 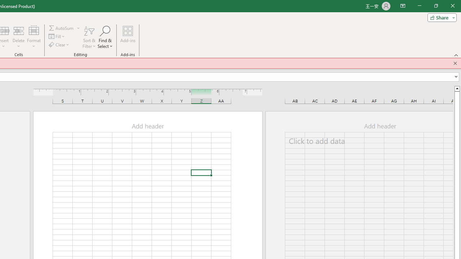 What do you see at coordinates (105, 37) in the screenshot?
I see `'Find & Select'` at bounding box center [105, 37].